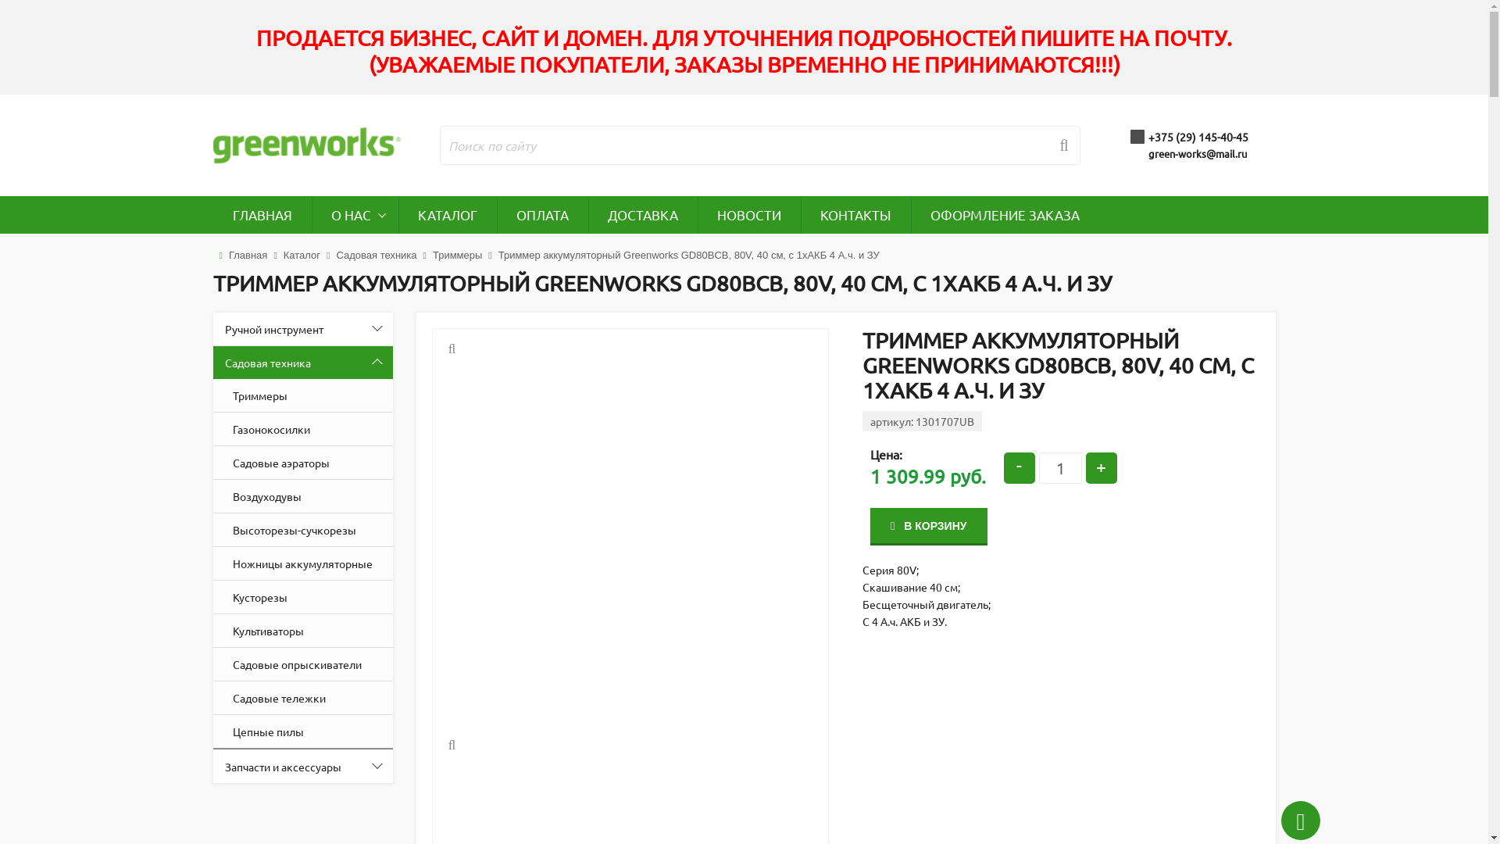  Describe the element at coordinates (1101, 466) in the screenshot. I see `'+'` at that location.